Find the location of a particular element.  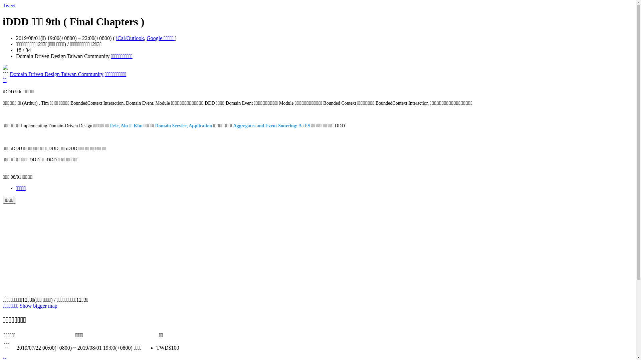

'Domain Driven Design Taiwan Community' is located at coordinates (56, 74).